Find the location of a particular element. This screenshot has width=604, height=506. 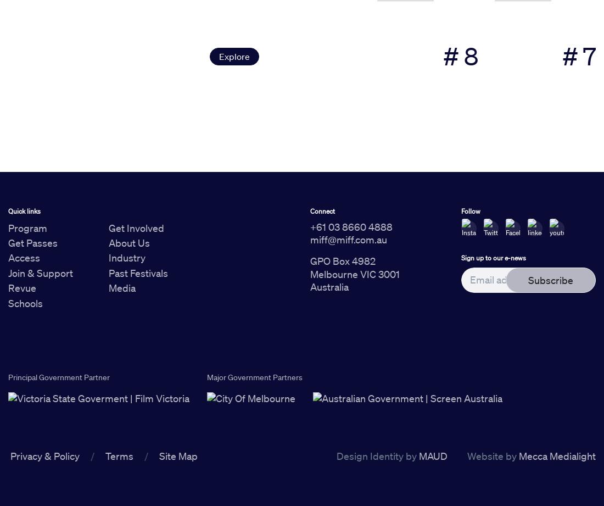

'Media' is located at coordinates (122, 287).